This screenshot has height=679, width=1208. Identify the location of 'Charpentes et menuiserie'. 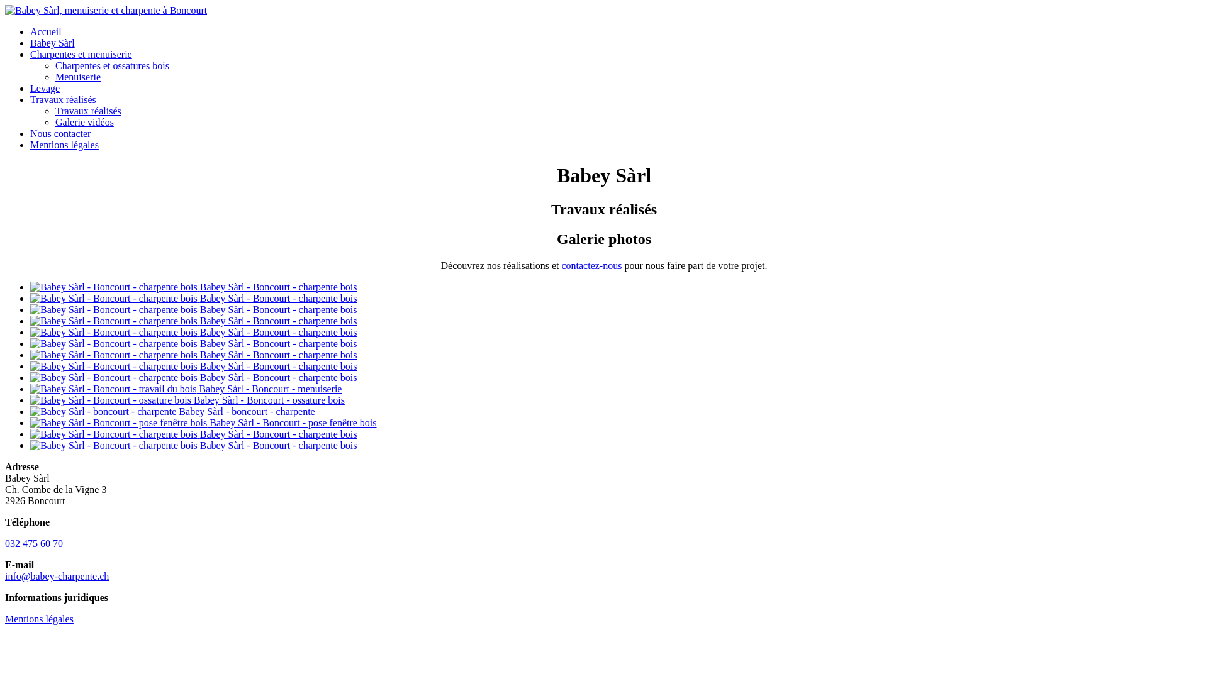
(81, 53).